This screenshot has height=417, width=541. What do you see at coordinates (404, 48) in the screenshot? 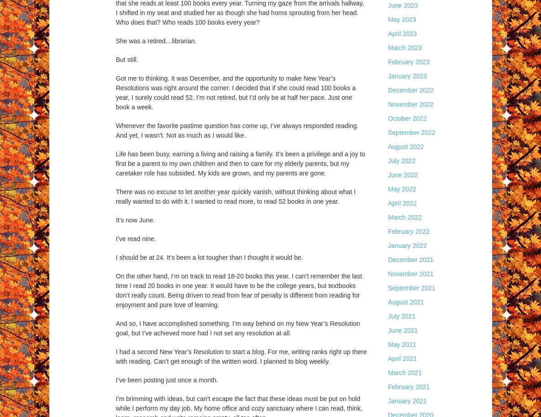
I see `'March 2023'` at bounding box center [404, 48].